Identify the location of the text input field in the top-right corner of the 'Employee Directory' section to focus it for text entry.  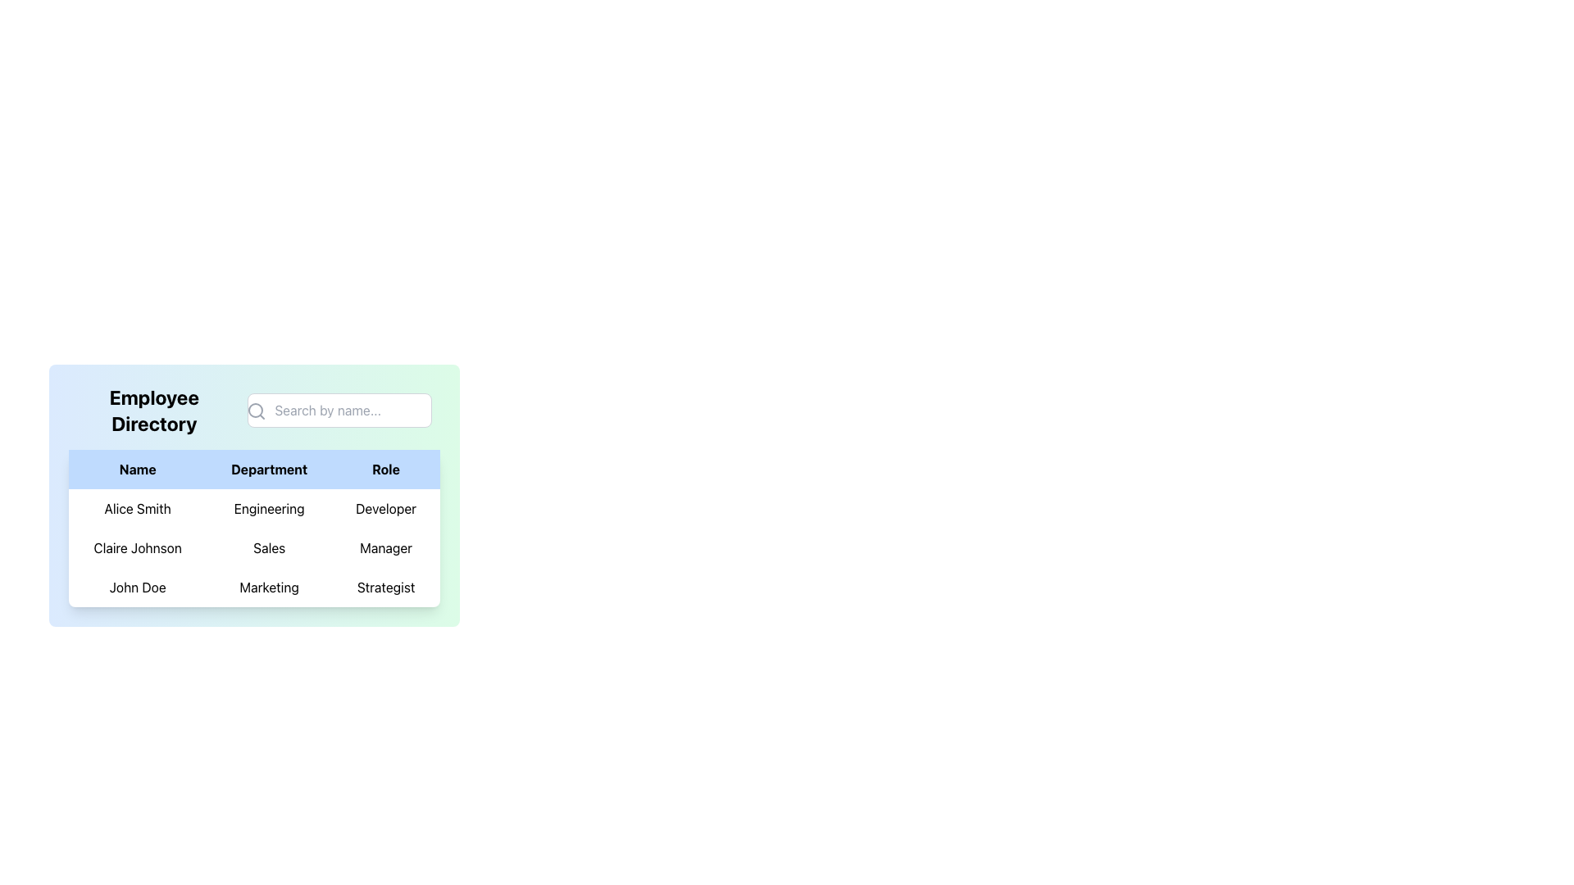
(339, 410).